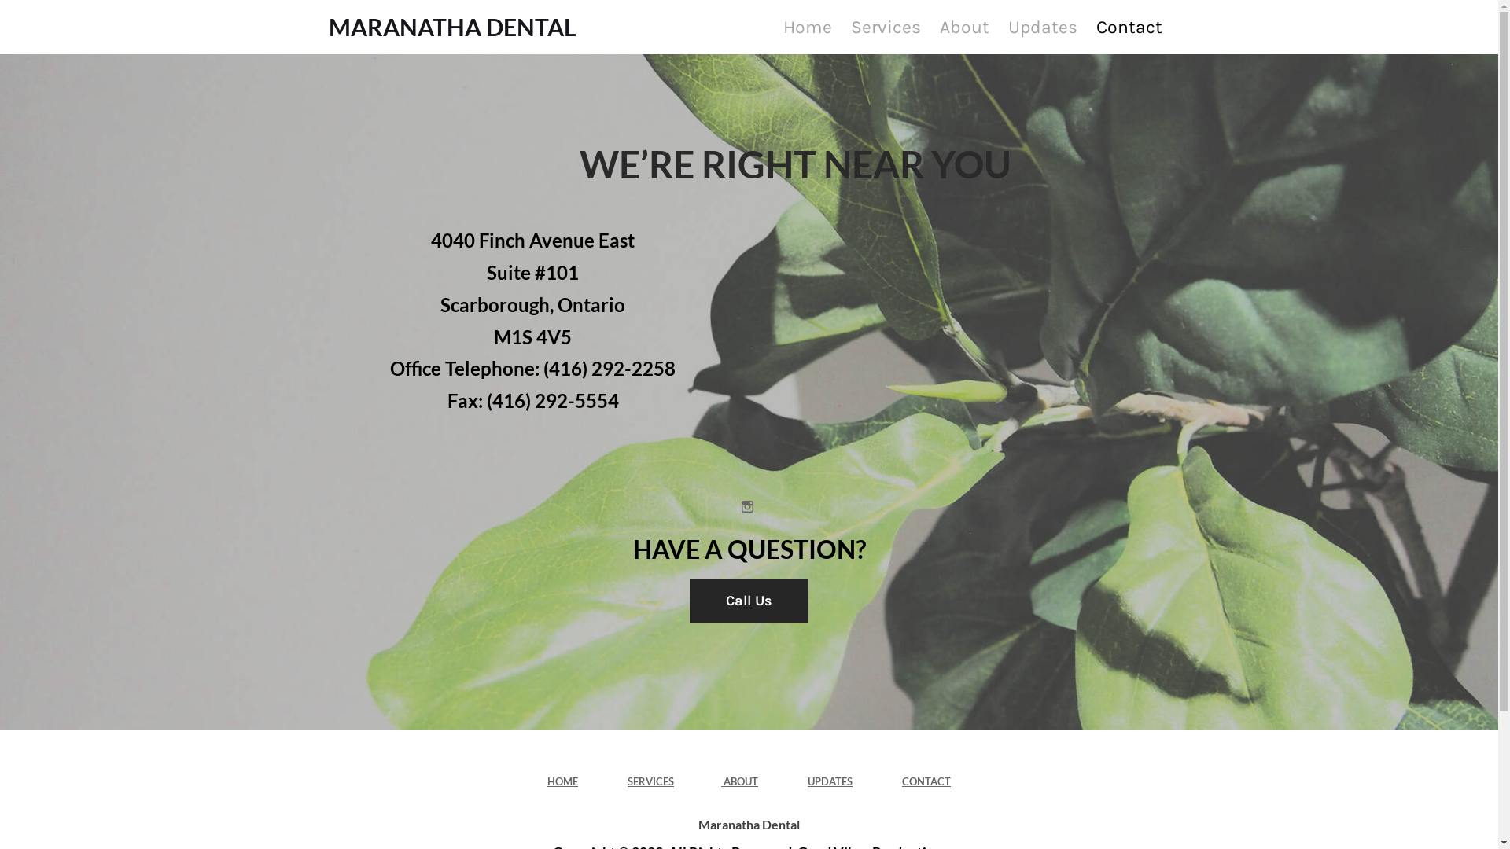  What do you see at coordinates (650, 781) in the screenshot?
I see `'SERVICES'` at bounding box center [650, 781].